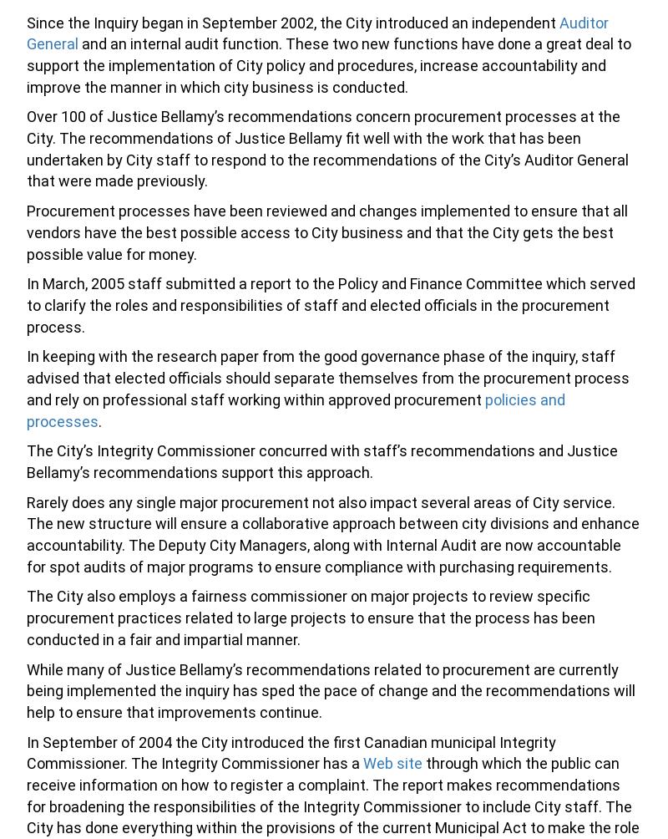 This screenshot has height=839, width=668. What do you see at coordinates (392, 762) in the screenshot?
I see `'Web site'` at bounding box center [392, 762].